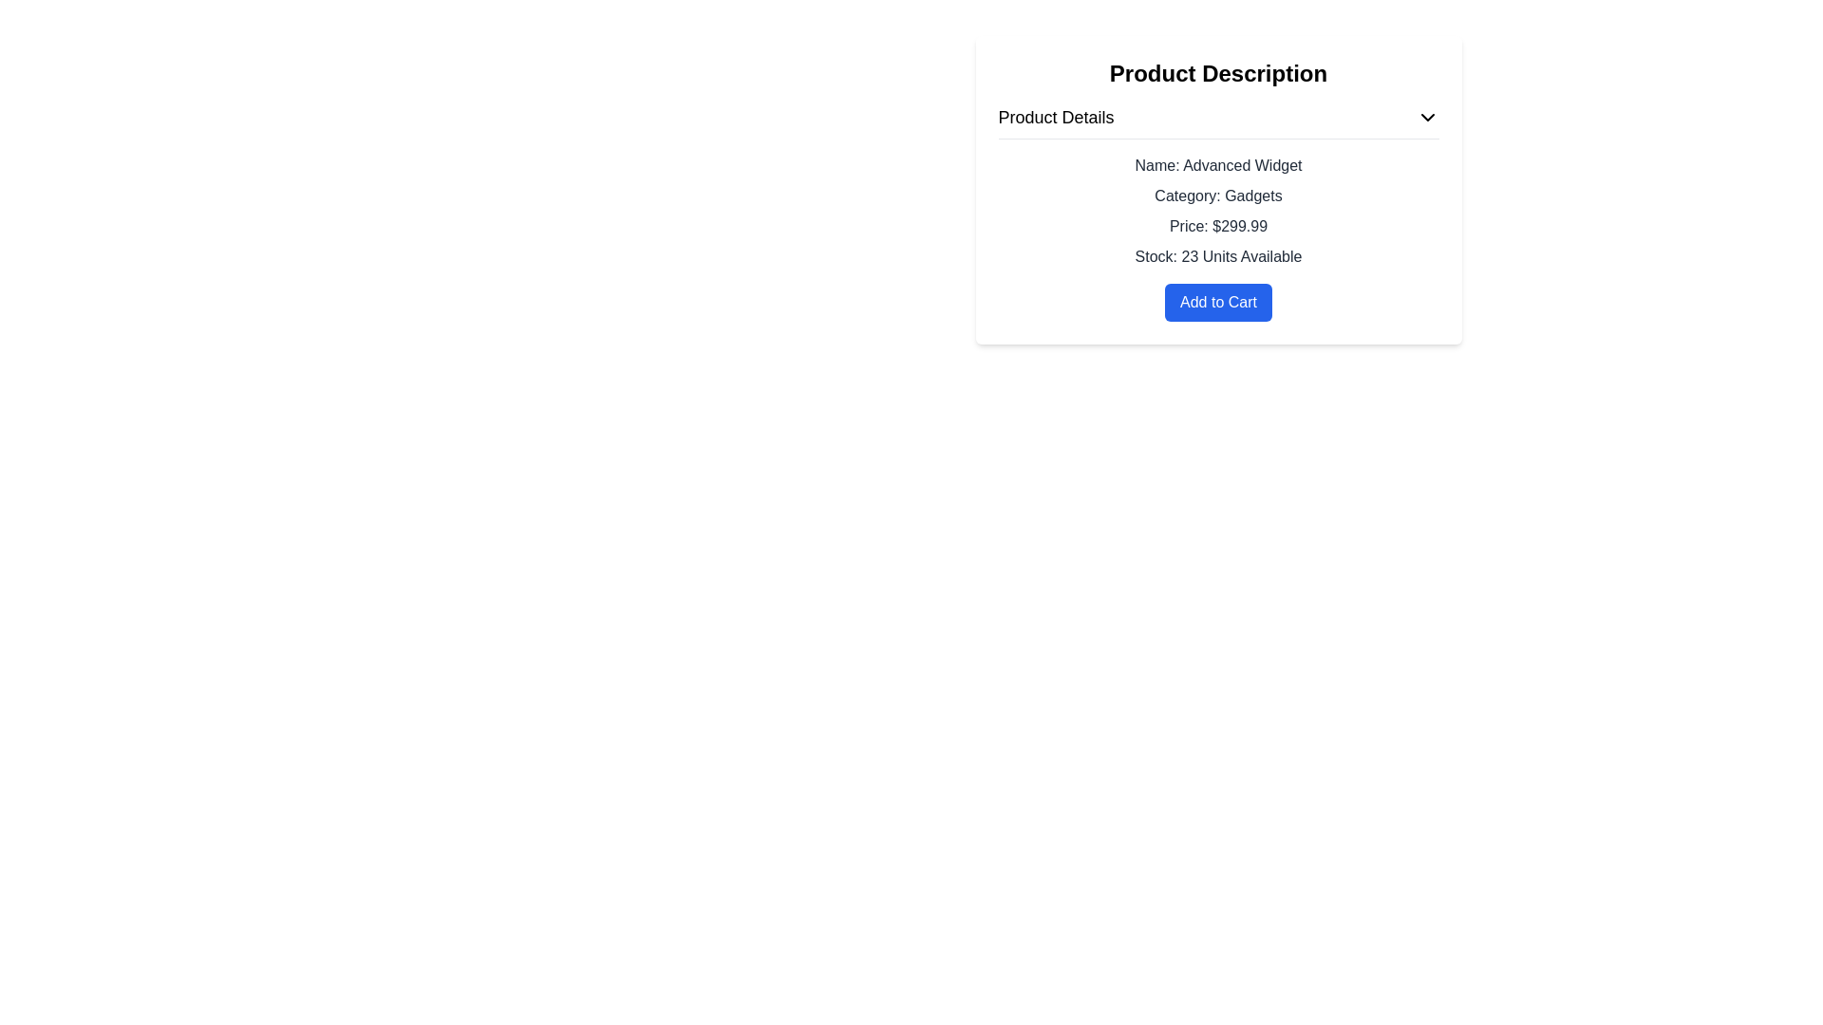 This screenshot has height=1025, width=1823. I want to click on the text label displaying 'Price: $299.99', which is centrally located in the 'Product Description' card, positioned between 'Category: Gadgets' and 'Stock: 23 Units Available', so click(1218, 226).